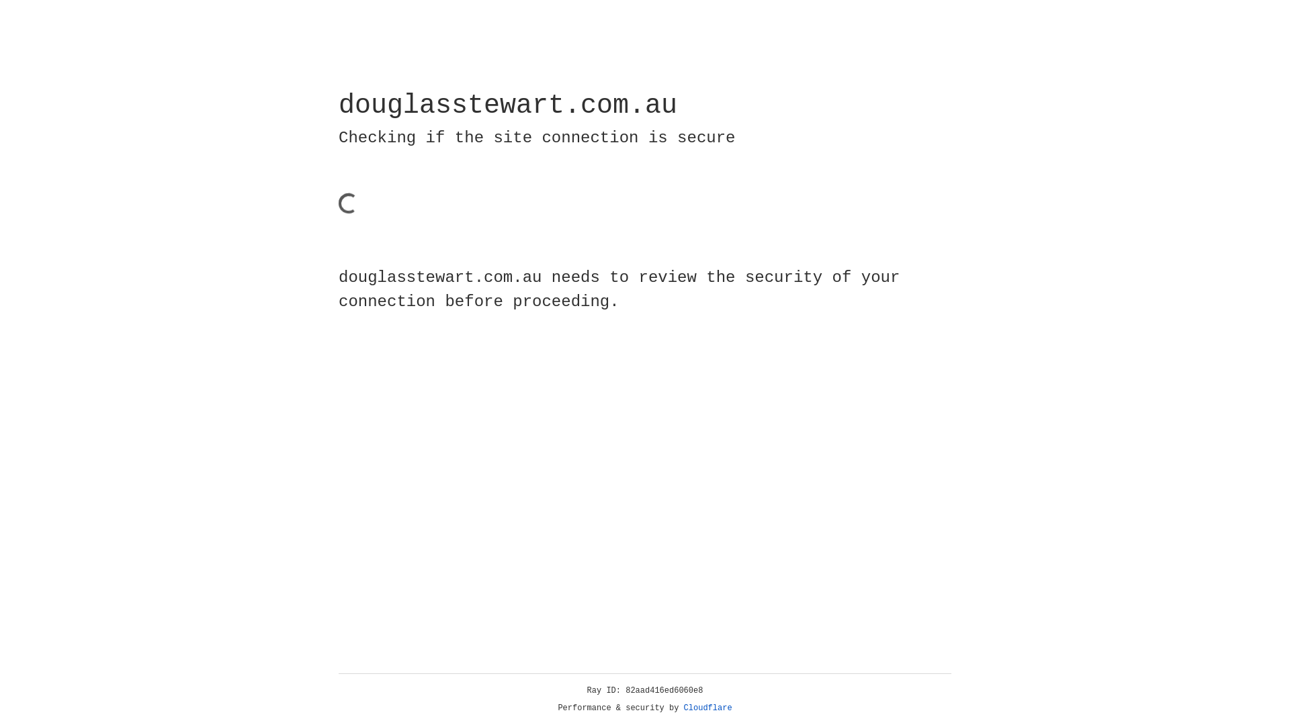 The width and height of the screenshot is (1290, 725). What do you see at coordinates (707, 708) in the screenshot?
I see `'Cloudflare'` at bounding box center [707, 708].